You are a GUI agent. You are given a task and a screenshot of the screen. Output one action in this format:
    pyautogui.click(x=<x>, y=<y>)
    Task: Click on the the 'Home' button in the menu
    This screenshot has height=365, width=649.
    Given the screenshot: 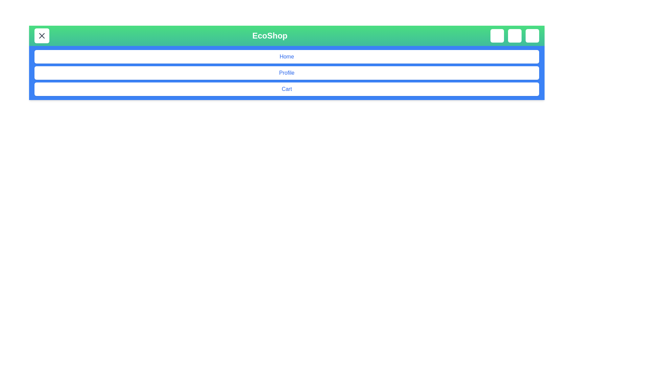 What is the action you would take?
    pyautogui.click(x=287, y=56)
    